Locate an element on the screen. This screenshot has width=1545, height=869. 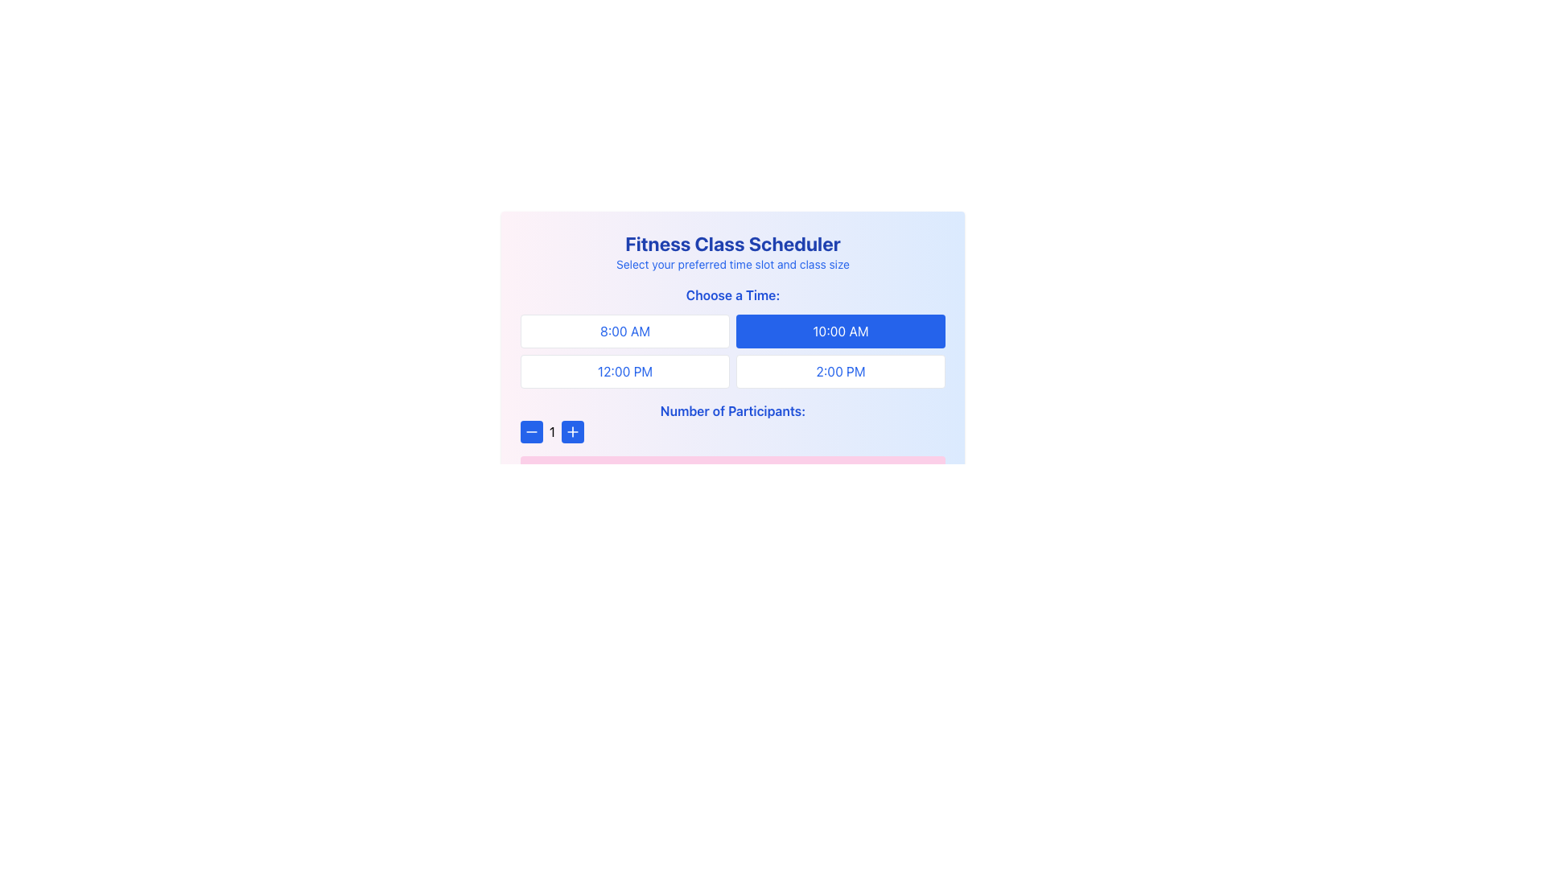
the grid containing selectable time slots, located directly below the 'Choose a Time:' heading is located at coordinates (732, 336).